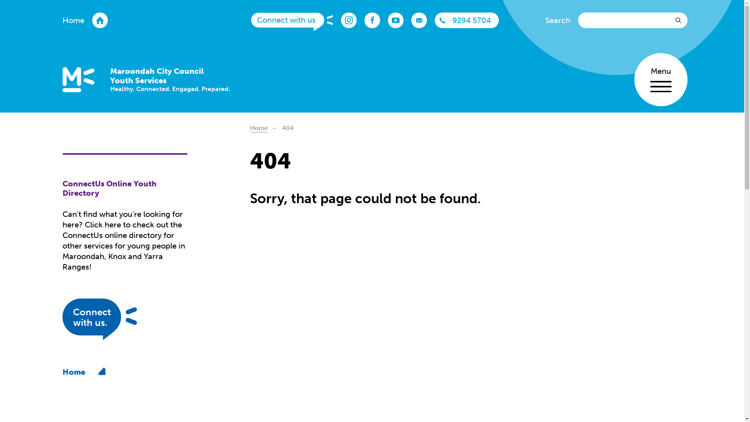  What do you see at coordinates (85, 20) in the screenshot?
I see `'Home'` at bounding box center [85, 20].